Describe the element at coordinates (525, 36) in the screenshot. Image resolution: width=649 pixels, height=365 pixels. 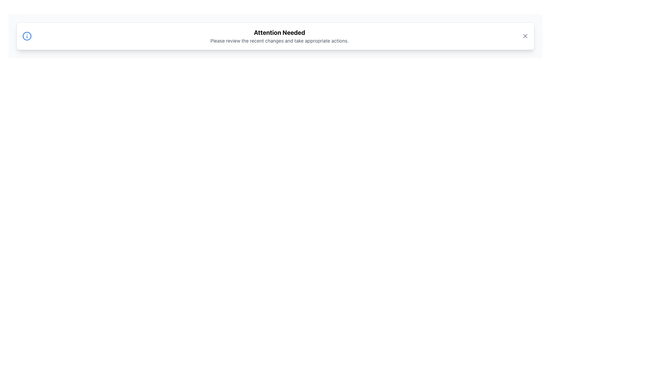
I see `the close icon located in the notification bar` at that location.